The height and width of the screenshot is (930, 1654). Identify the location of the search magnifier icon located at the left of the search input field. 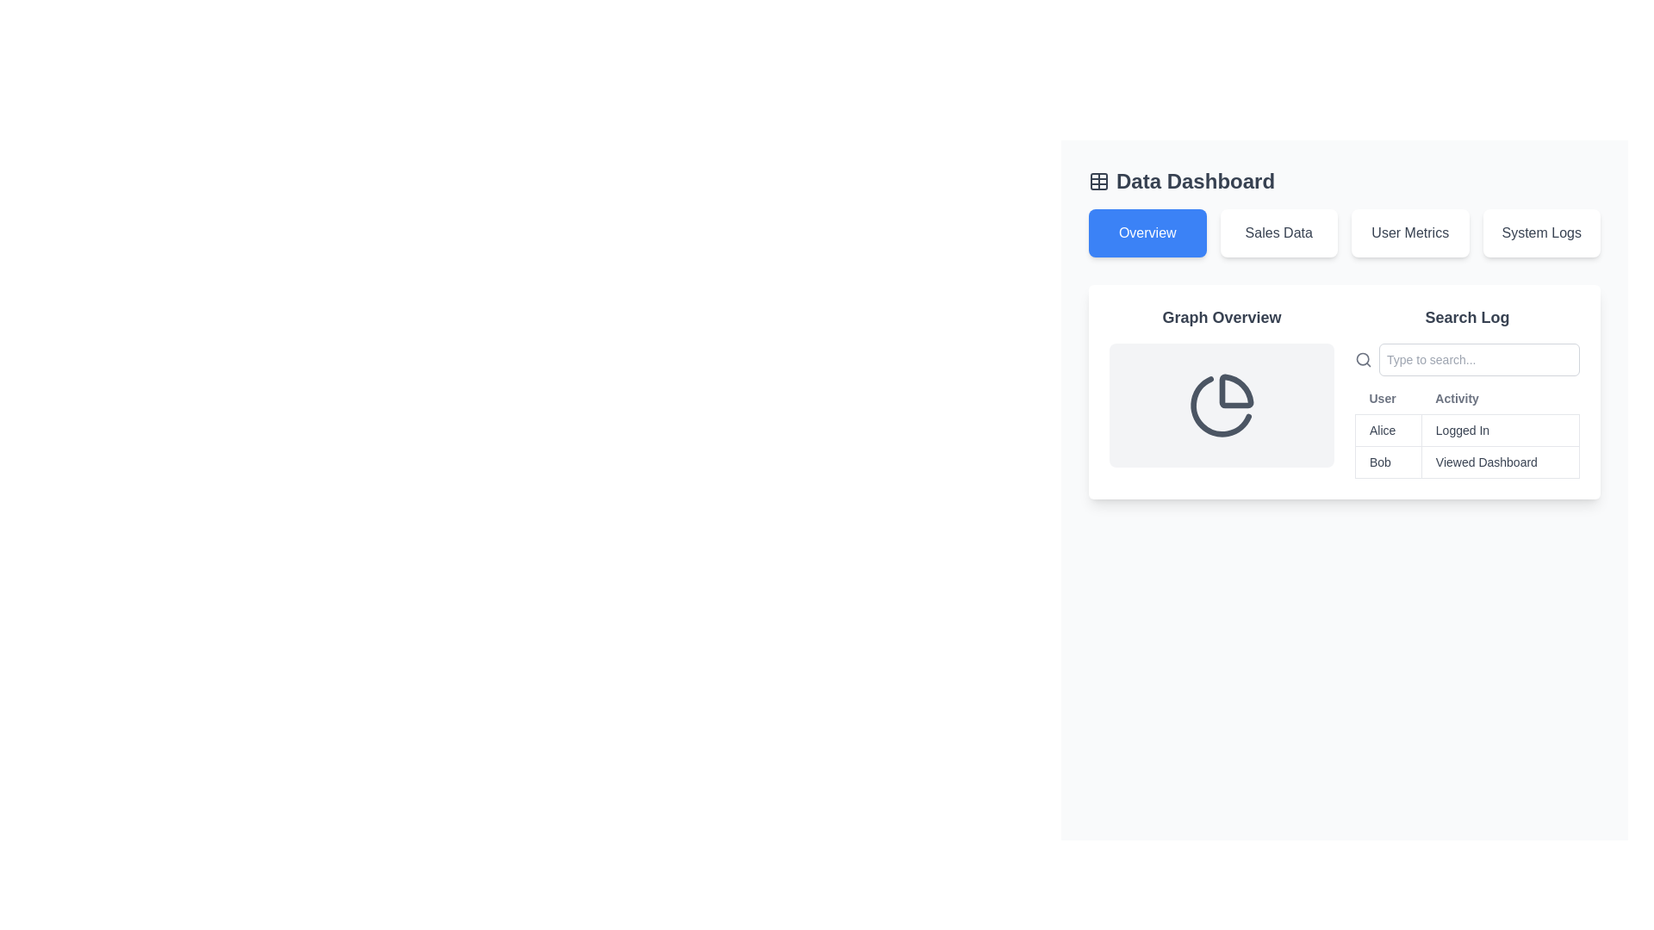
(1363, 358).